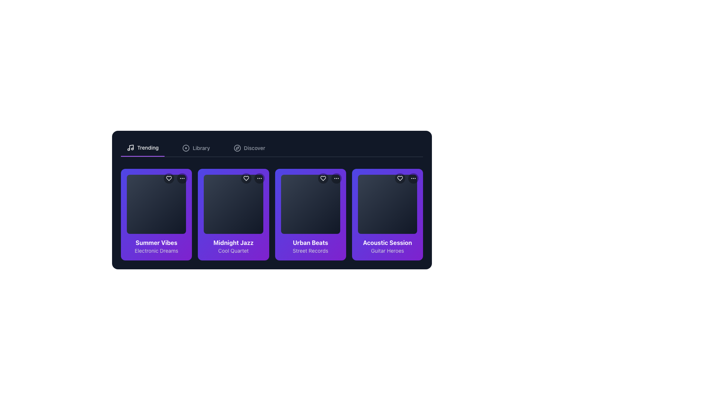  I want to click on the 'like' icon button located in the top-right corner of the 'Acoustic Session' card in the 'Trending' section to favorite the item, so click(399, 178).